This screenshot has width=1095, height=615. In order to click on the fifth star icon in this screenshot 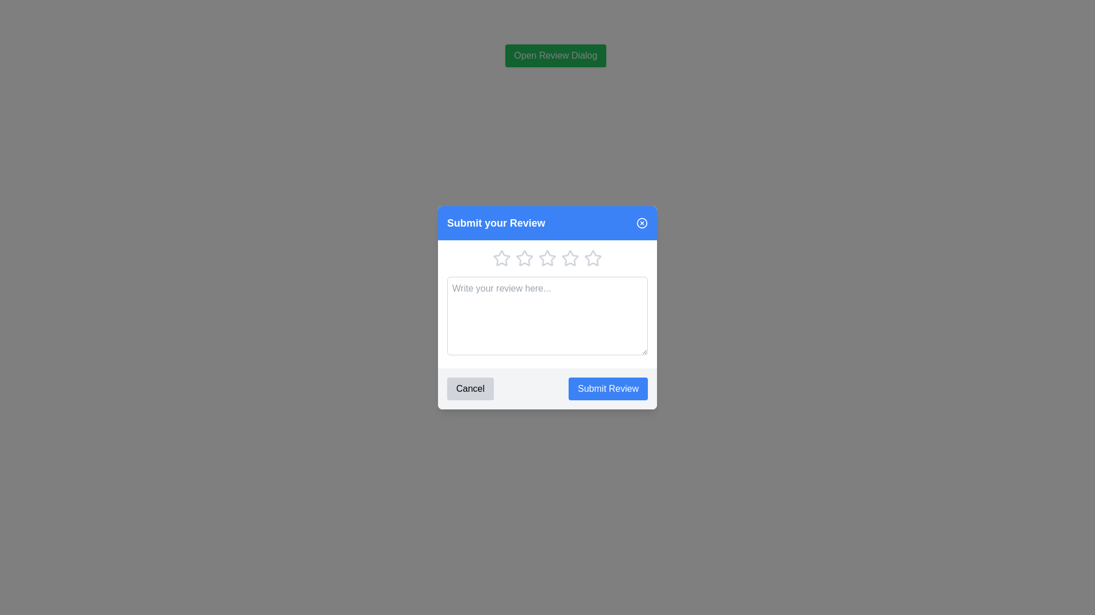, I will do `click(593, 257)`.